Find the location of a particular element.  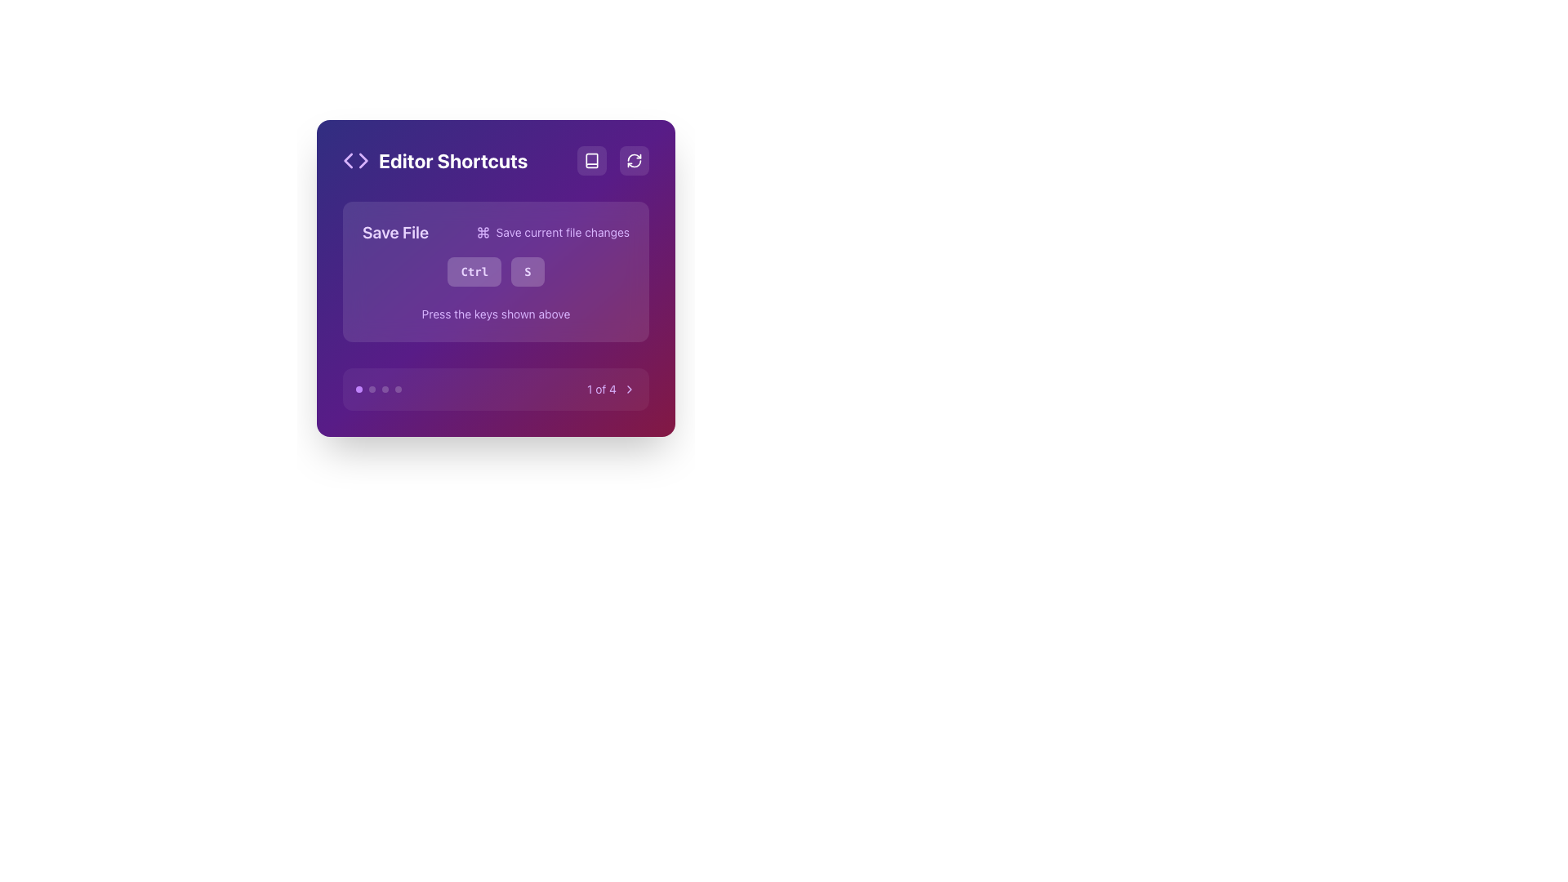

the circular arrow icon in the top-right corner of the panel to refresh or reload the content is located at coordinates (634, 160).